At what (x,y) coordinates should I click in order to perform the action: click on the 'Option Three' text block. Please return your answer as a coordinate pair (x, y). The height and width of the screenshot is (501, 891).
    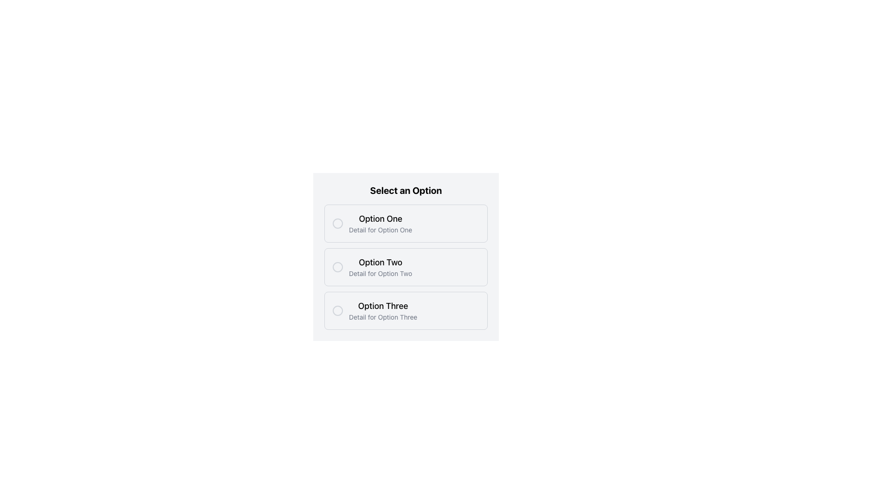
    Looking at the image, I should click on (383, 311).